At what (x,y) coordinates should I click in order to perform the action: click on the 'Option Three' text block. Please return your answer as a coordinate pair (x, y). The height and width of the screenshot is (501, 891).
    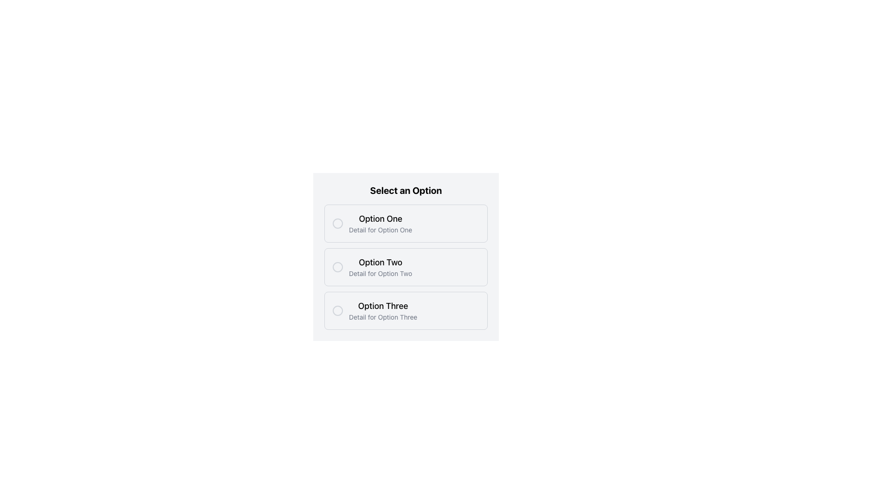
    Looking at the image, I should click on (383, 311).